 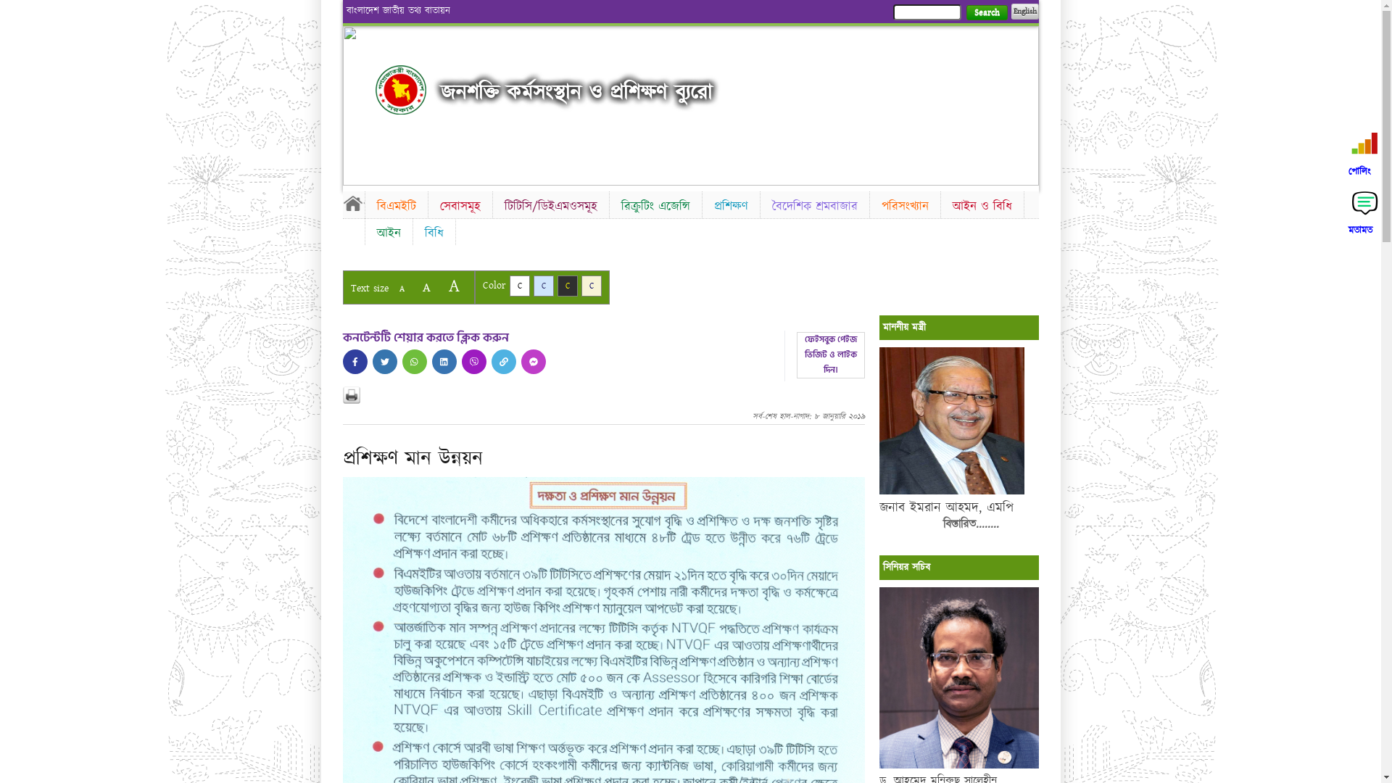 What do you see at coordinates (425, 287) in the screenshot?
I see `'A'` at bounding box center [425, 287].